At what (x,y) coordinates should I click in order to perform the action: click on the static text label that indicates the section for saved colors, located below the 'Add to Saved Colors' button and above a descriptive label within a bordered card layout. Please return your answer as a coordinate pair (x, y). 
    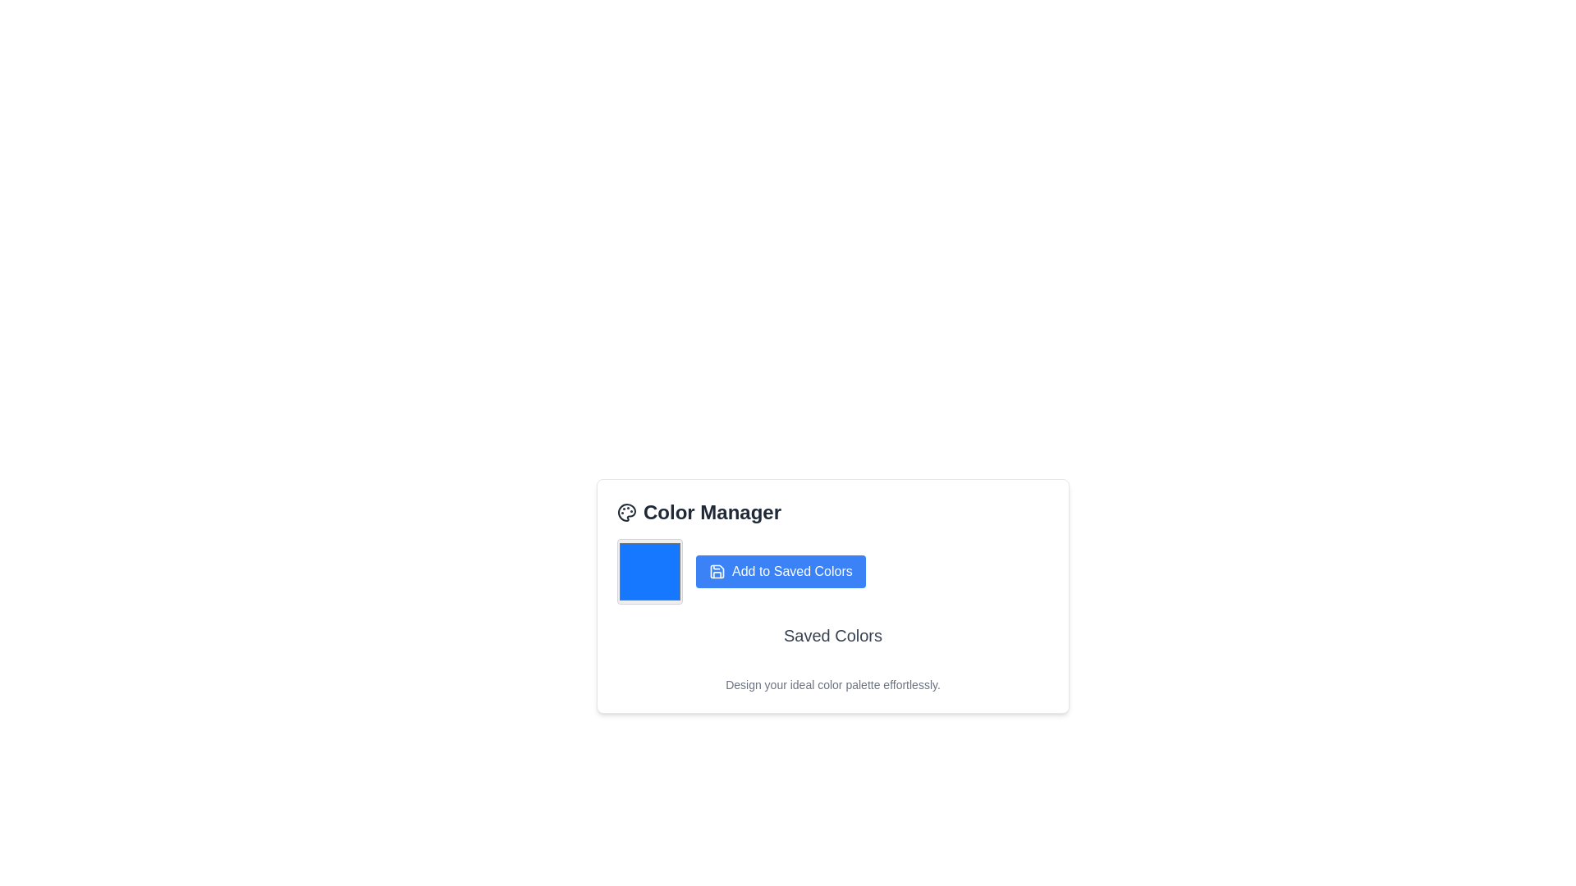
    Looking at the image, I should click on (832, 639).